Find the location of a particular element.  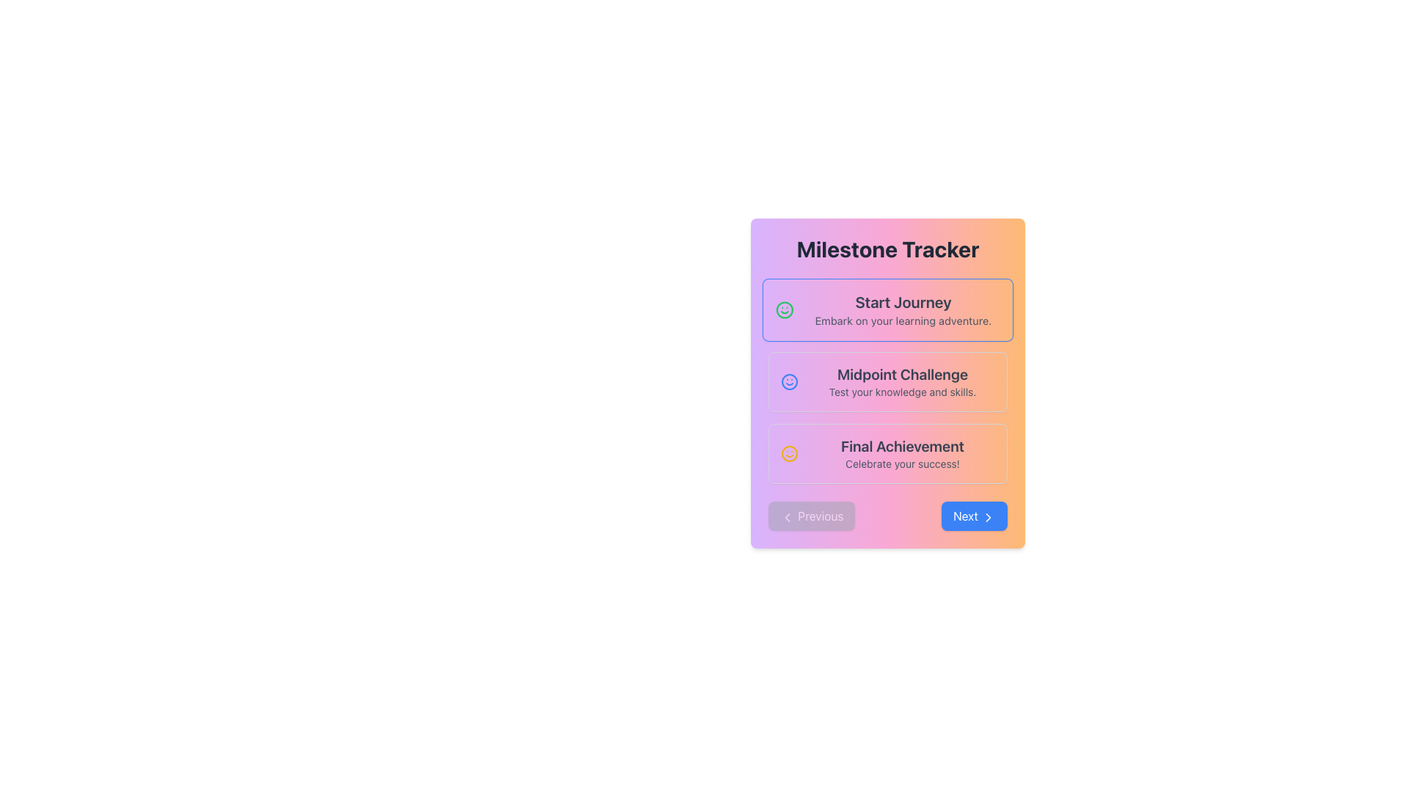

the static text element providing details related to the 'Final Achievement' section, located below the main title of the section is located at coordinates (901, 463).